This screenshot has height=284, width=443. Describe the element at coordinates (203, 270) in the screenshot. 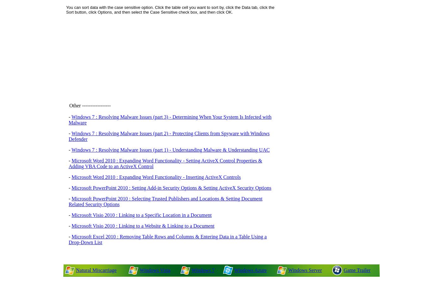

I see `'Windows 7'` at that location.